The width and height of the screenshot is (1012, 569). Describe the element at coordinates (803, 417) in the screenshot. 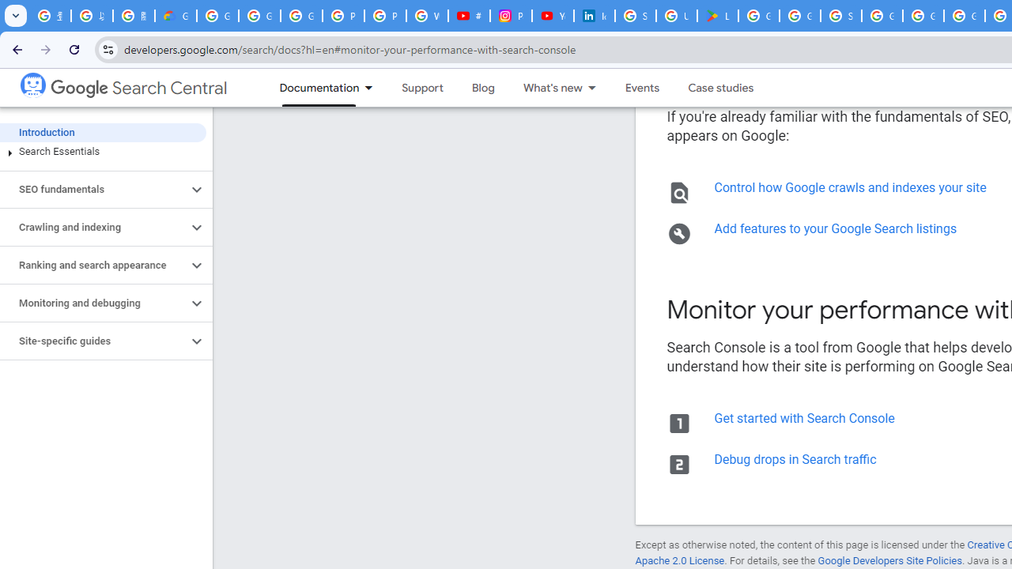

I see `'Get started with Search Console'` at that location.